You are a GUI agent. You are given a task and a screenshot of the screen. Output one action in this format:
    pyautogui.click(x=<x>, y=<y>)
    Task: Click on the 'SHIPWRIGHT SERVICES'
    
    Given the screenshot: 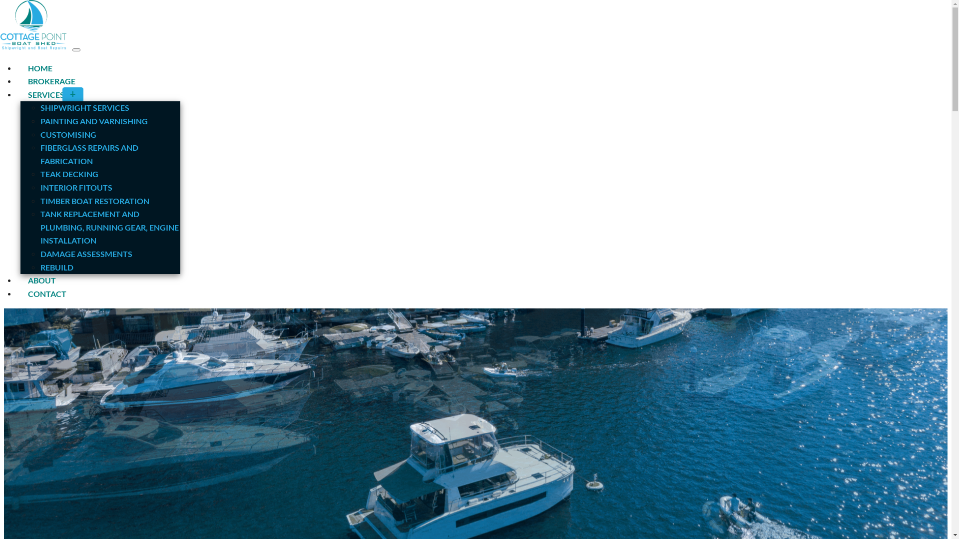 What is the action you would take?
    pyautogui.click(x=84, y=107)
    